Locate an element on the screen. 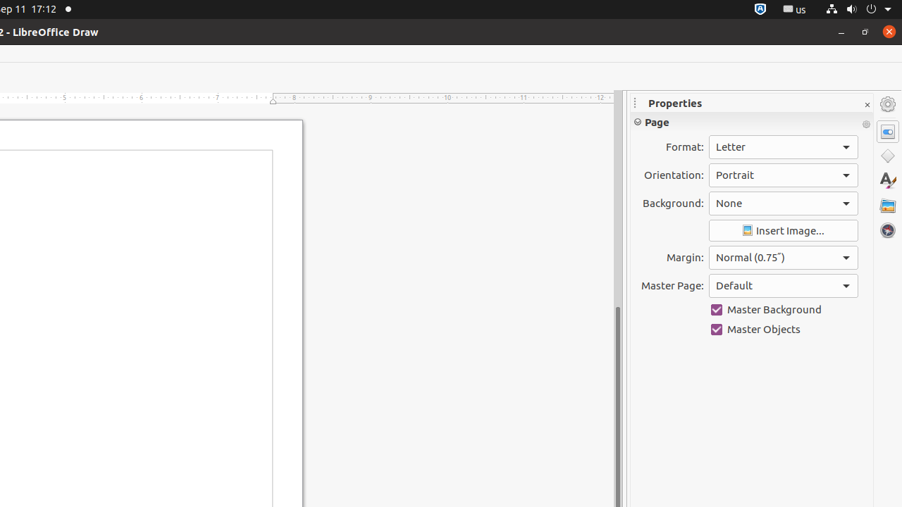 The width and height of the screenshot is (902, 507). 'Master Background' is located at coordinates (782, 308).